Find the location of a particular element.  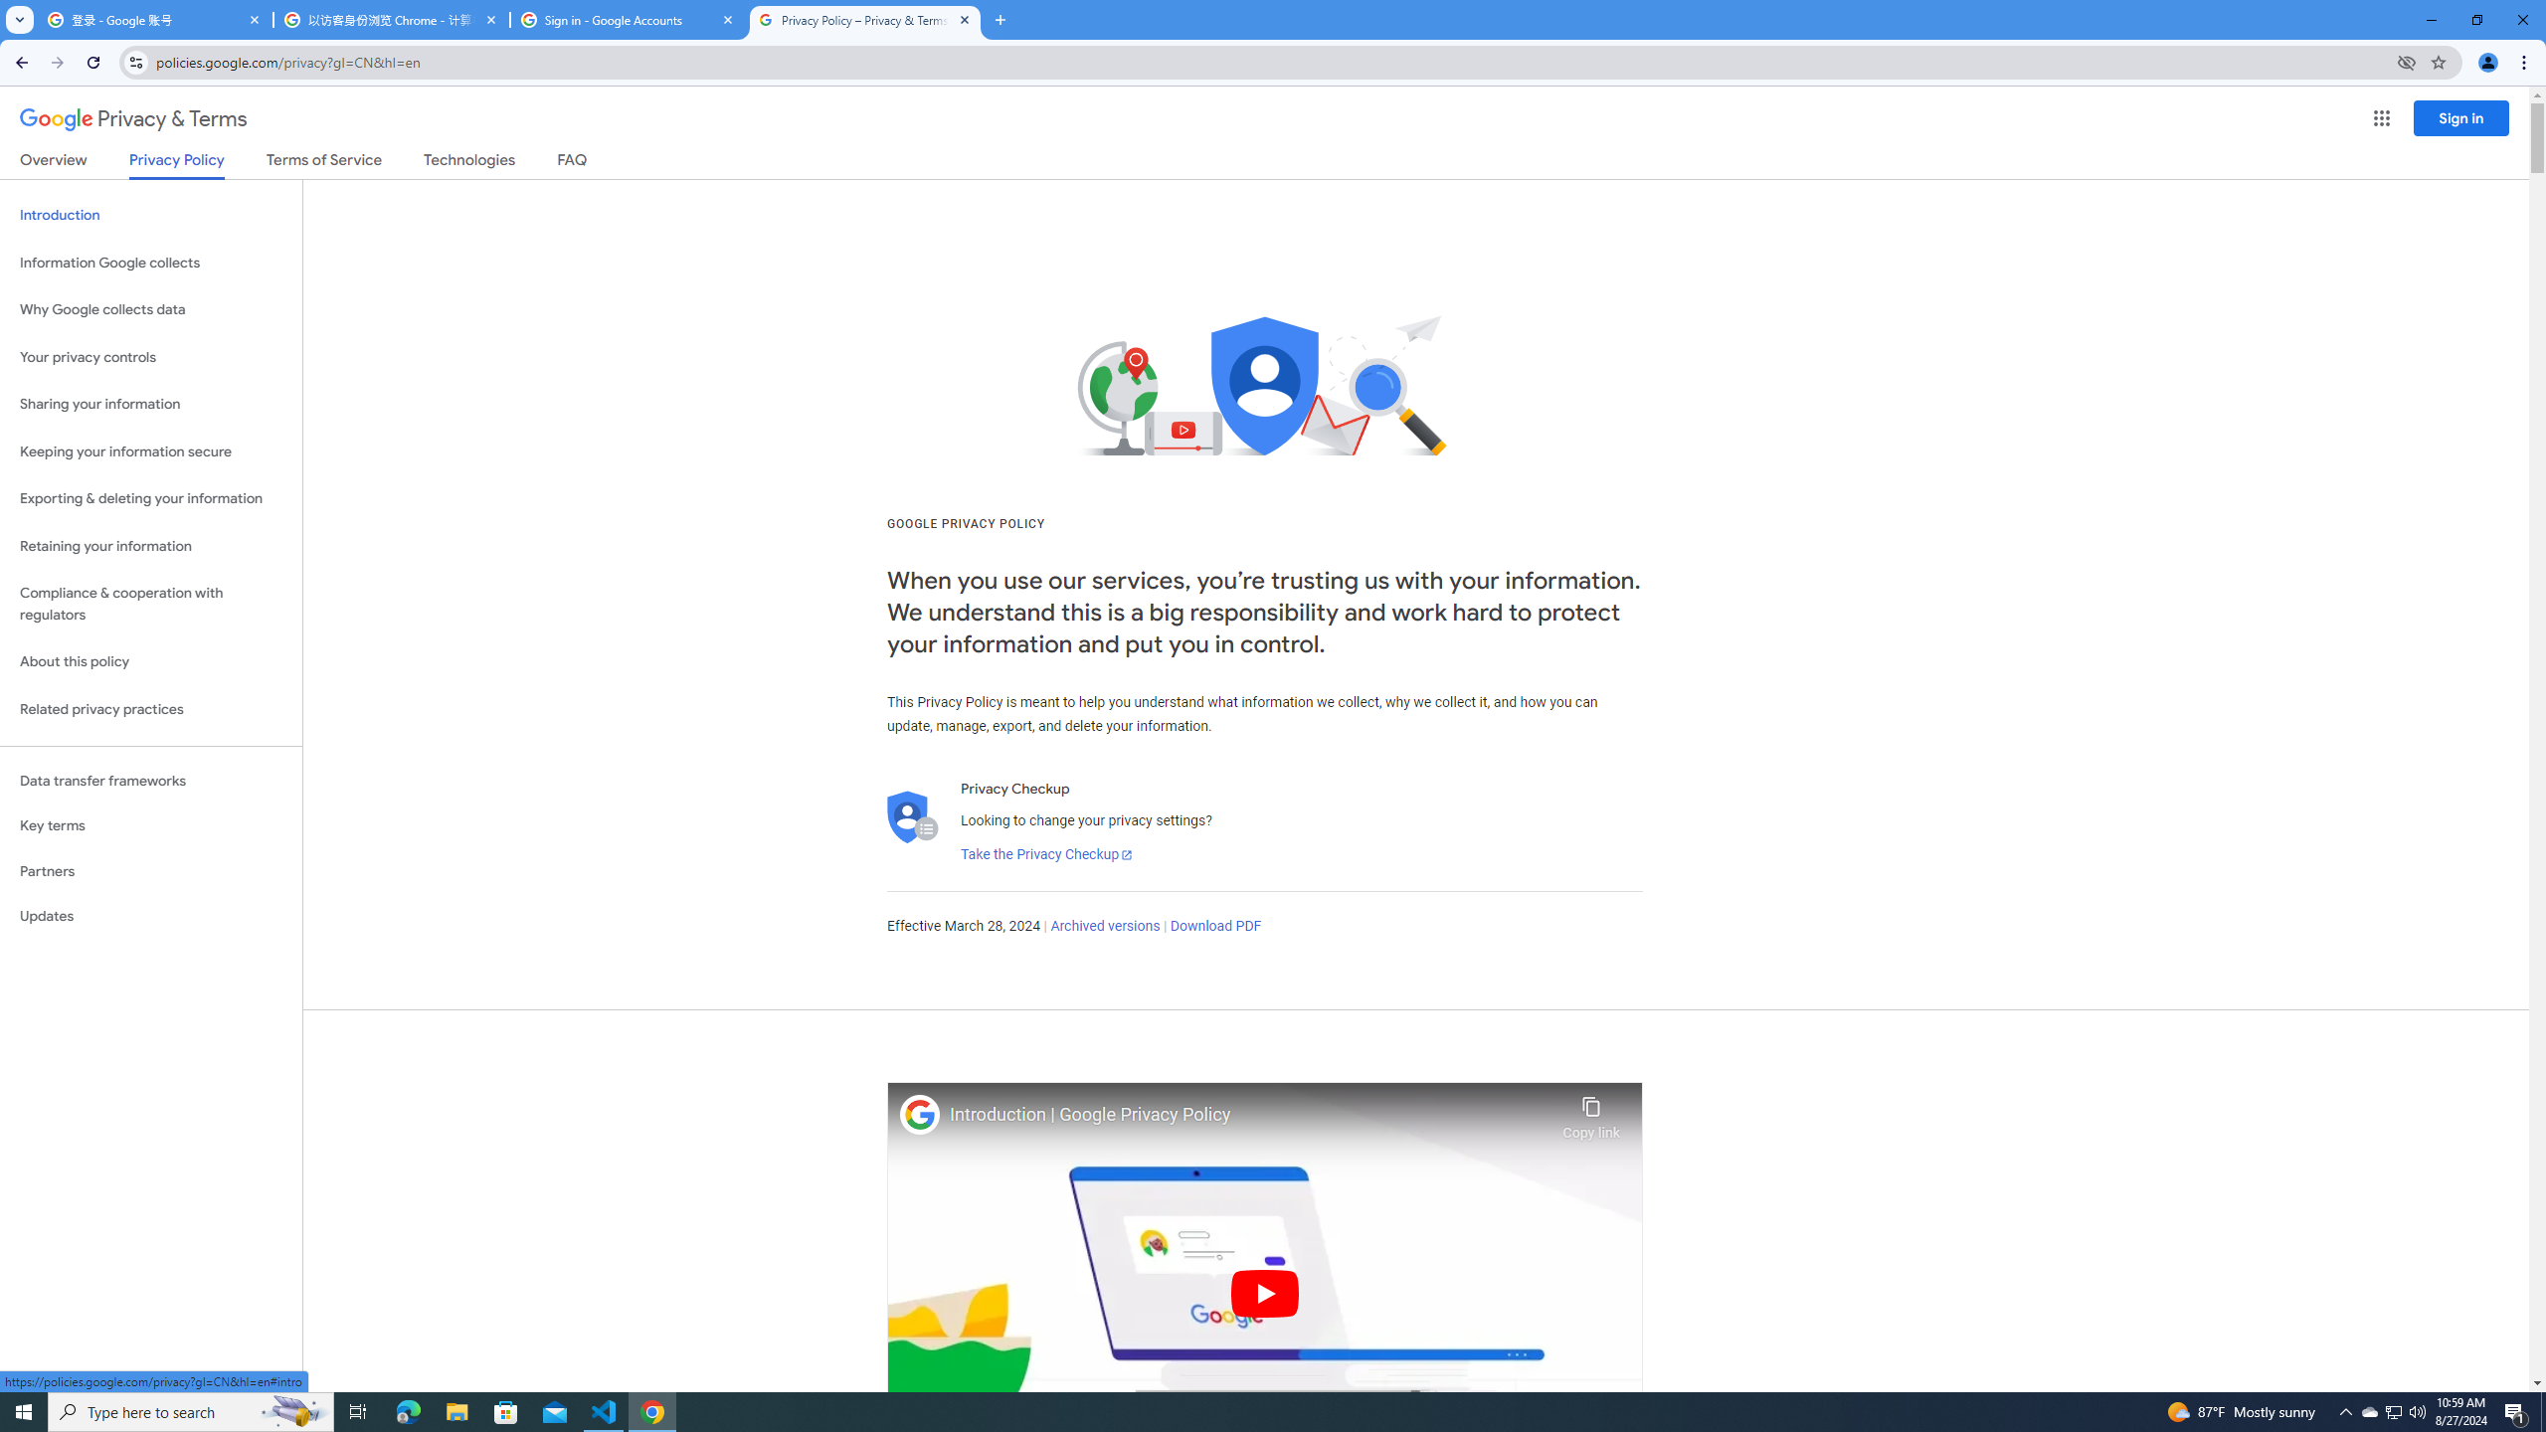

'Keeping your information secure' is located at coordinates (150, 452).